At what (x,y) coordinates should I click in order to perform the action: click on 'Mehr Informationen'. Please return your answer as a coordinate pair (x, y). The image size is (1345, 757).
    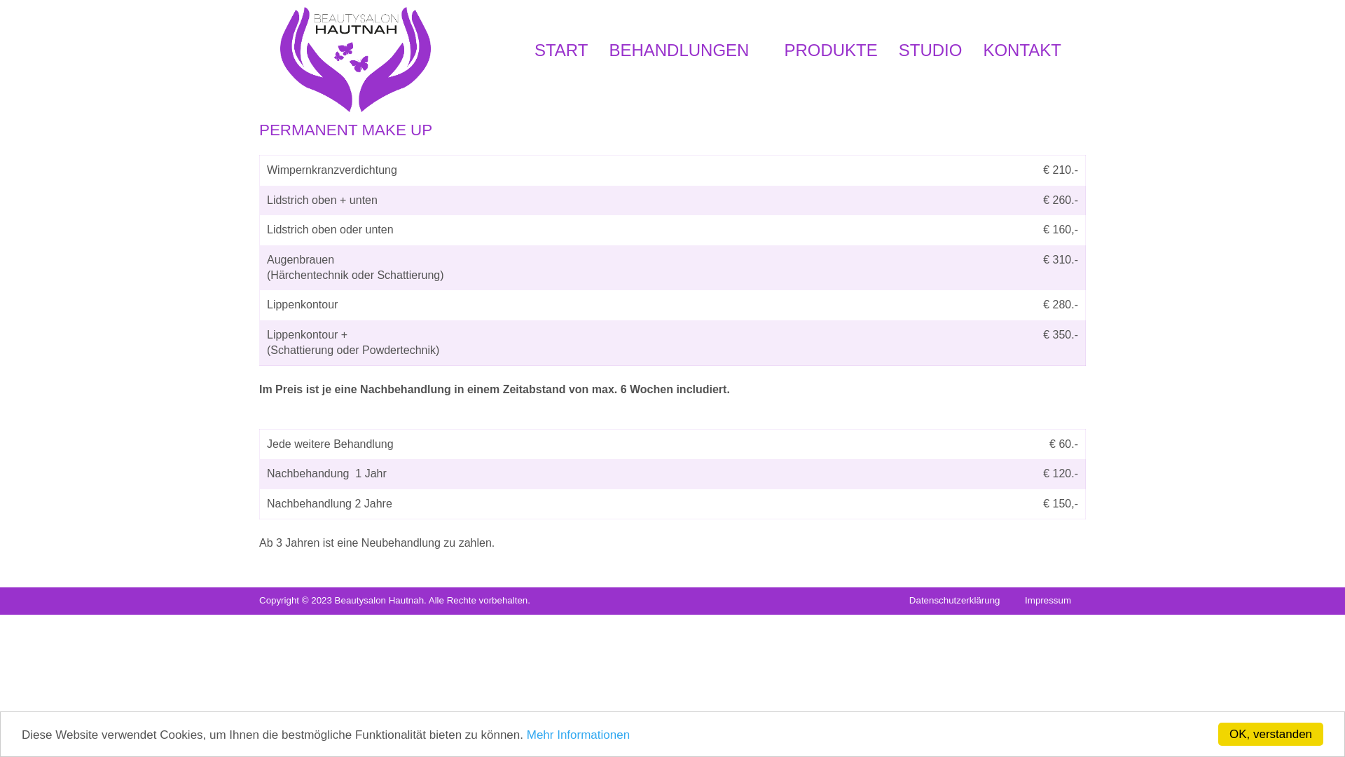
    Looking at the image, I should click on (526, 733).